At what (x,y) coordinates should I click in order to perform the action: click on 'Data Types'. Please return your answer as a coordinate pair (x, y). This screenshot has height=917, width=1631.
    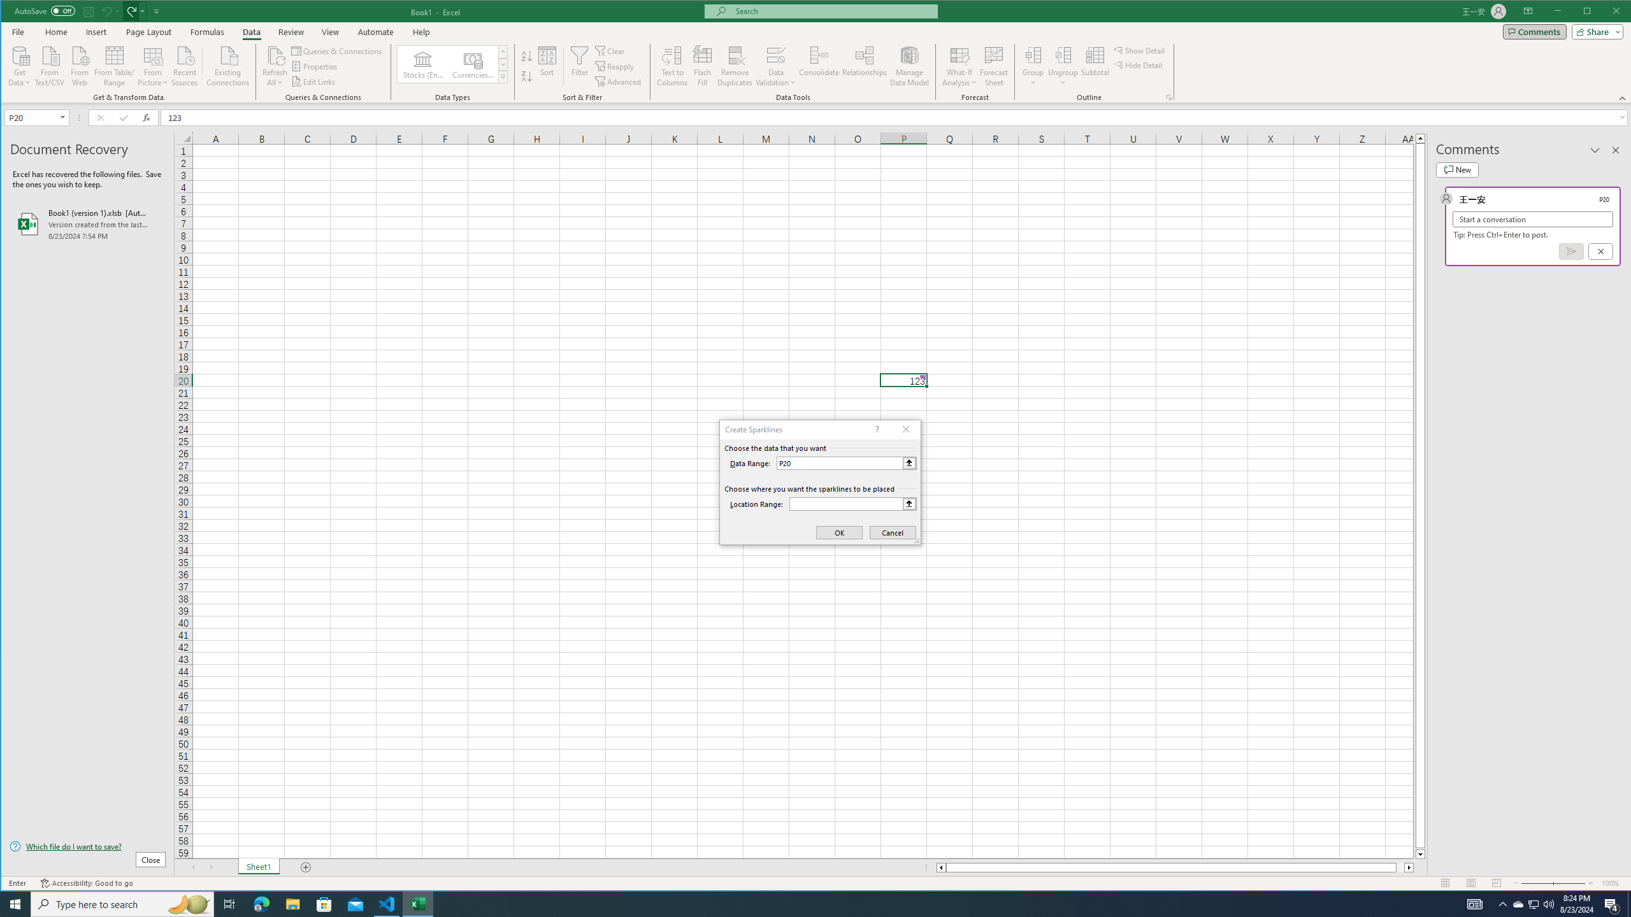
    Looking at the image, I should click on (501, 76).